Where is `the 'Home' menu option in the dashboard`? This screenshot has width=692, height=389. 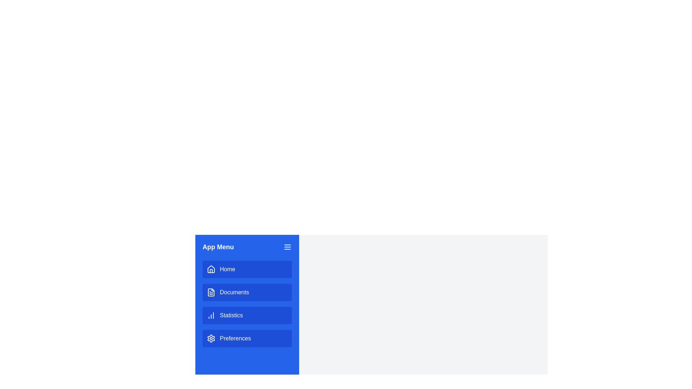 the 'Home' menu option in the dashboard is located at coordinates (247, 269).